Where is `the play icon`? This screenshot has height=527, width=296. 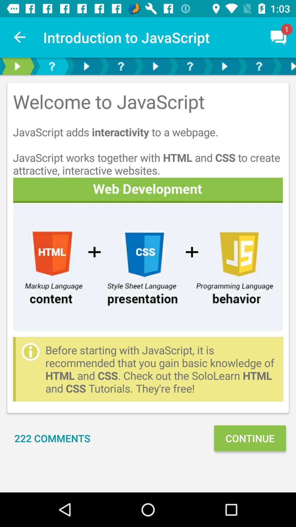
the play icon is located at coordinates (17, 66).